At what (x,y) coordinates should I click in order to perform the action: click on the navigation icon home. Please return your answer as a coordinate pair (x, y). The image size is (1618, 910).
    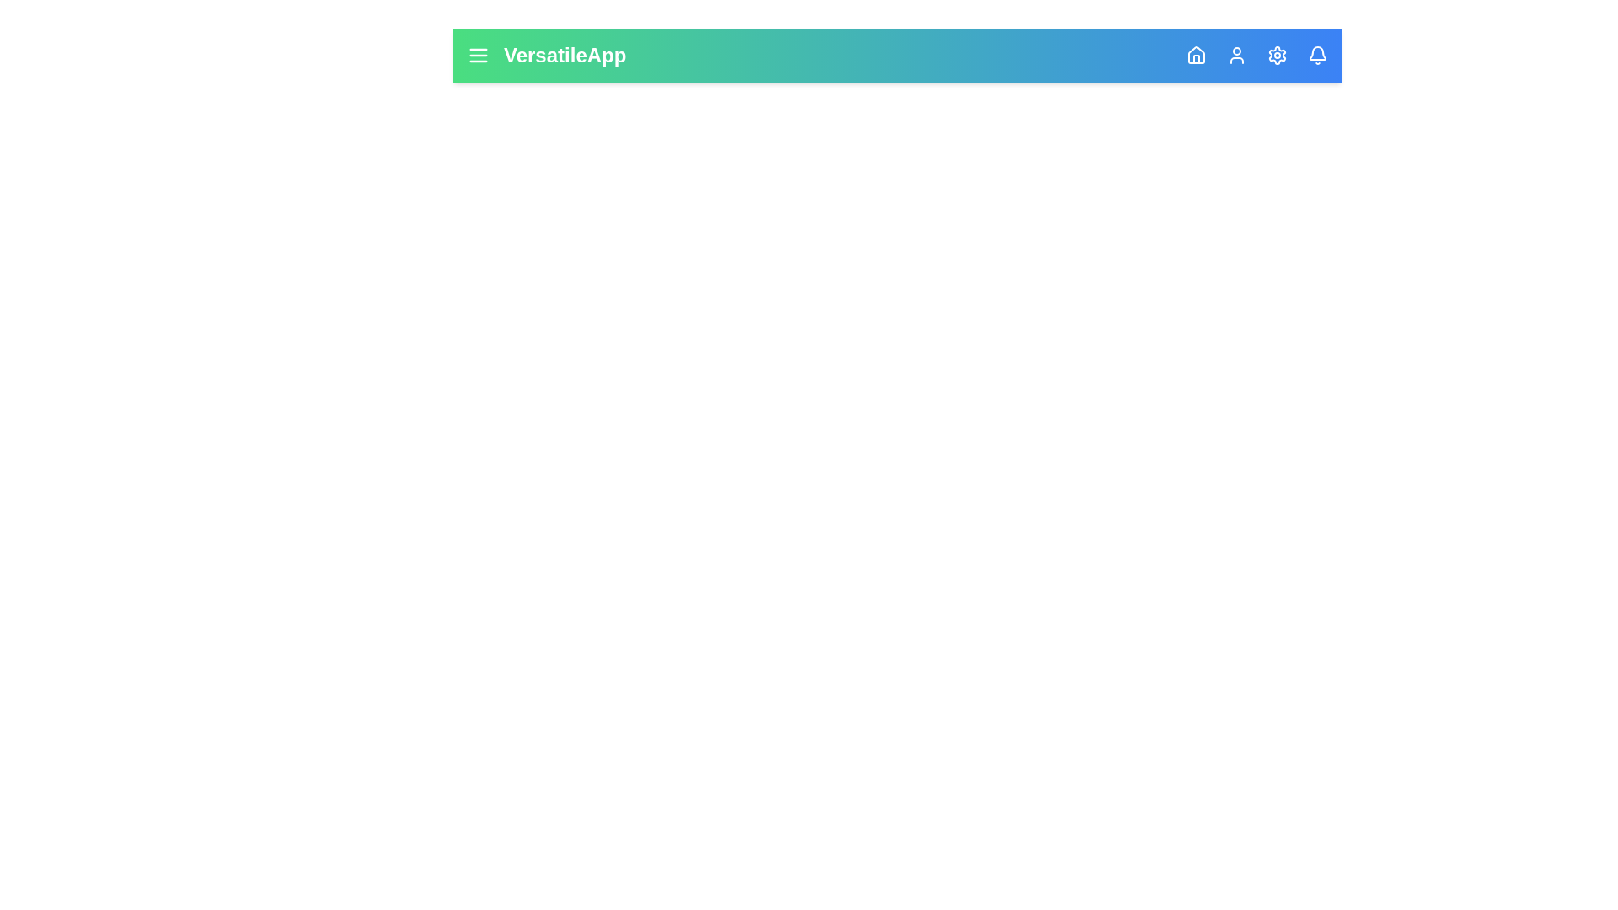
    Looking at the image, I should click on (1196, 54).